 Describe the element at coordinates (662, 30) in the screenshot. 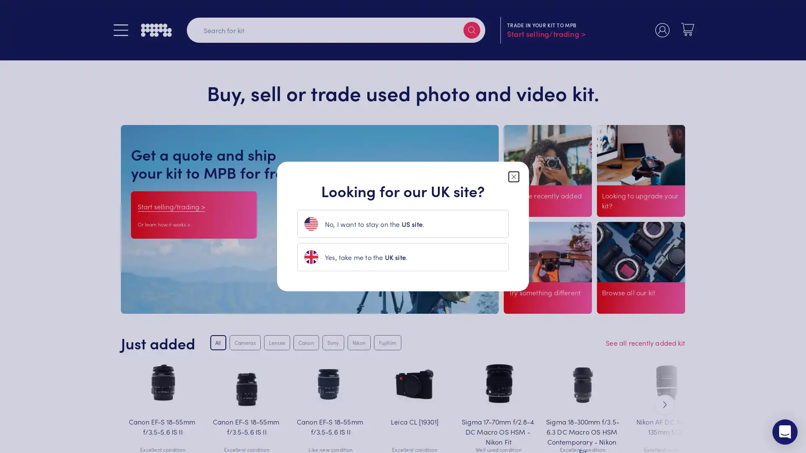

I see `Account` at that location.